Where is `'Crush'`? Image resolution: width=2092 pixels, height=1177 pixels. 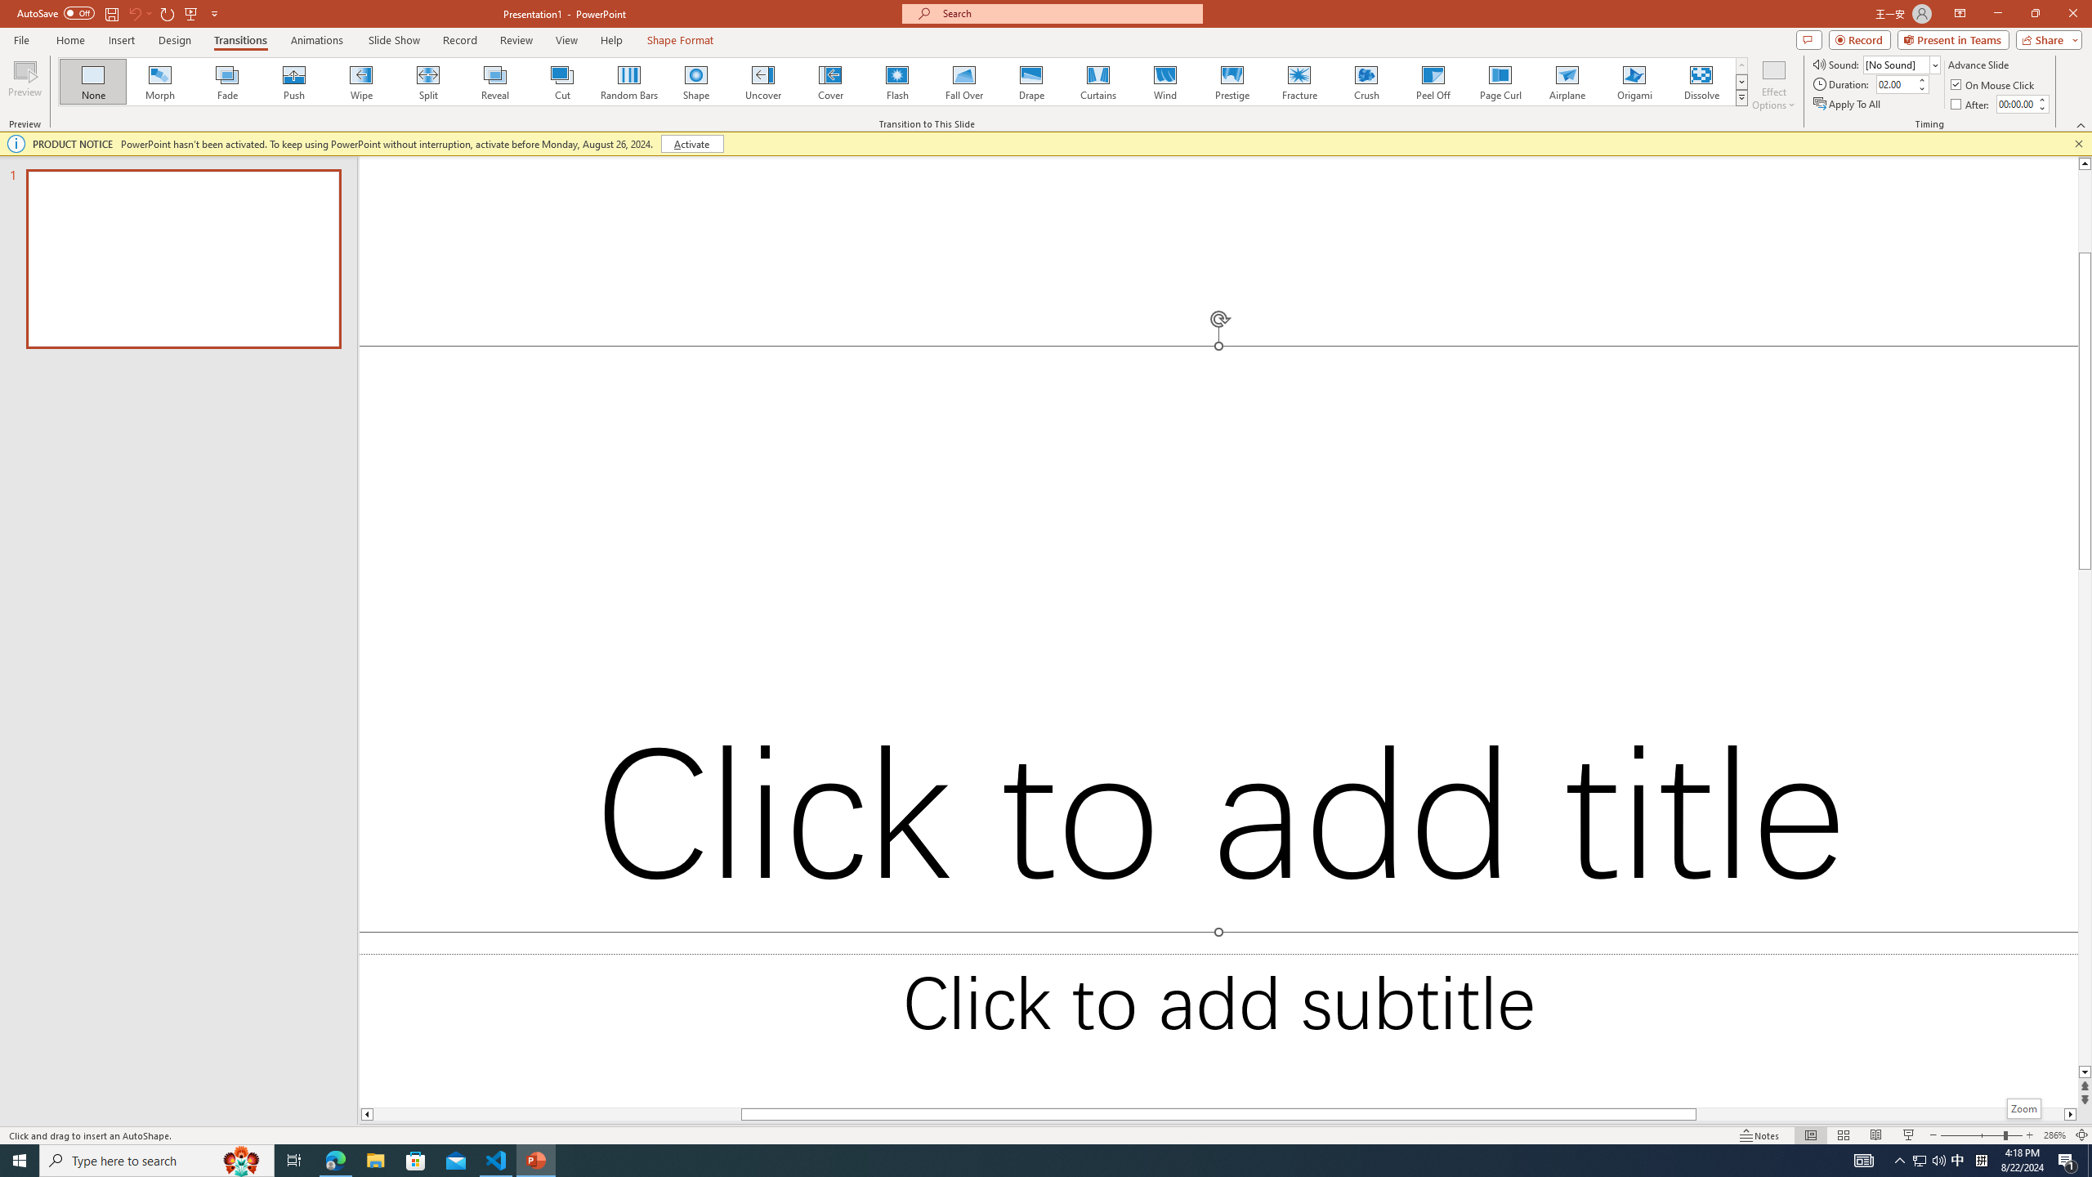 'Crush' is located at coordinates (1366, 81).